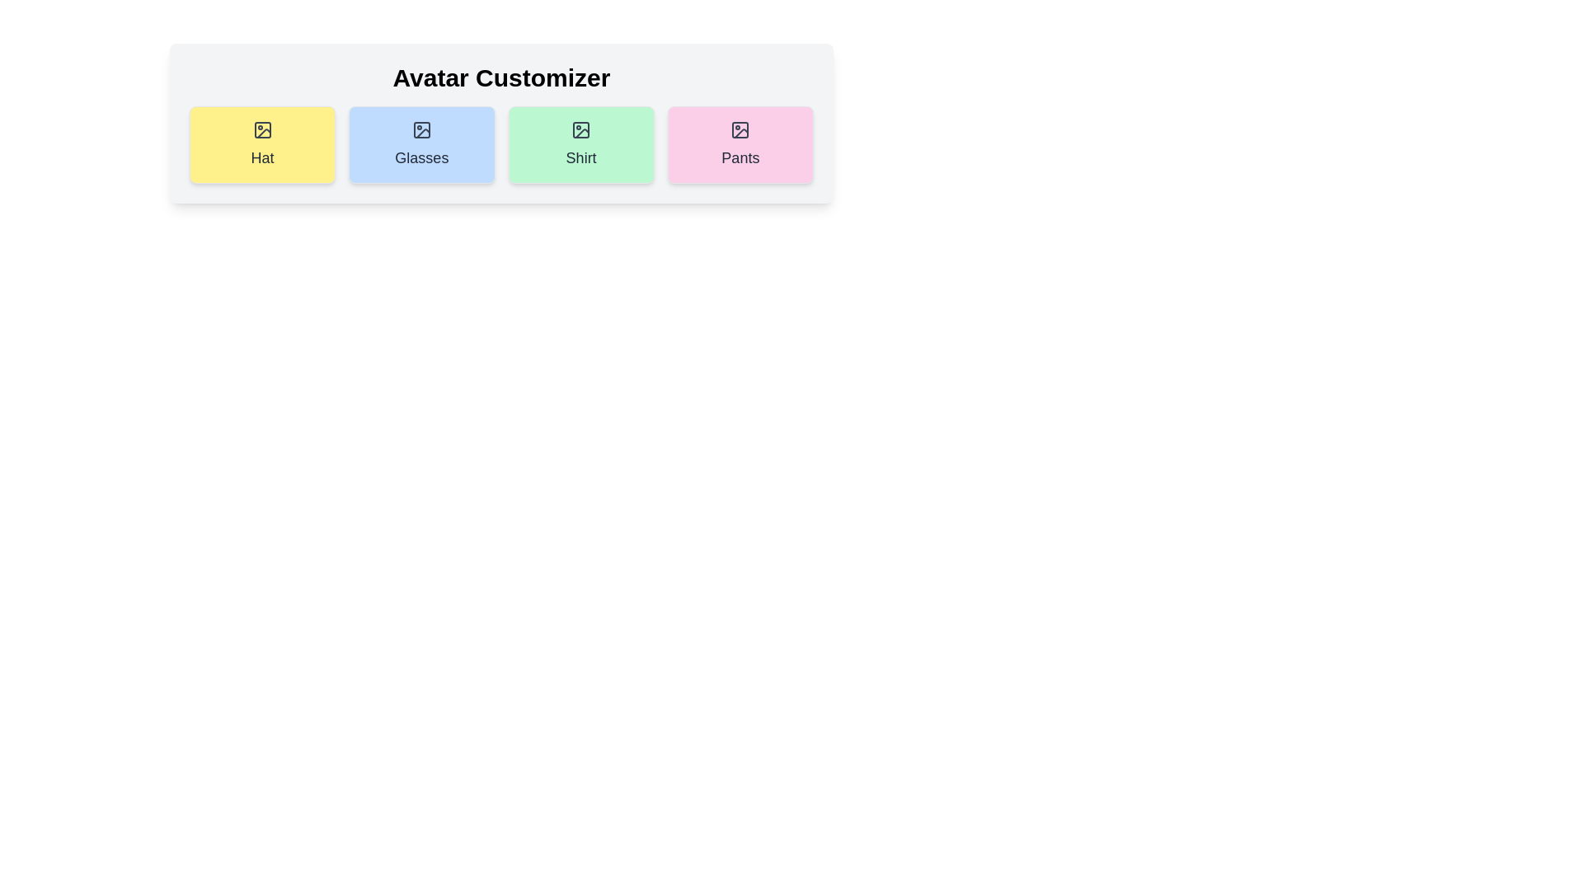  I want to click on the title text that provides an overview for avatar customization options, located centrally above the grid layout of customizable items, so click(500, 78).